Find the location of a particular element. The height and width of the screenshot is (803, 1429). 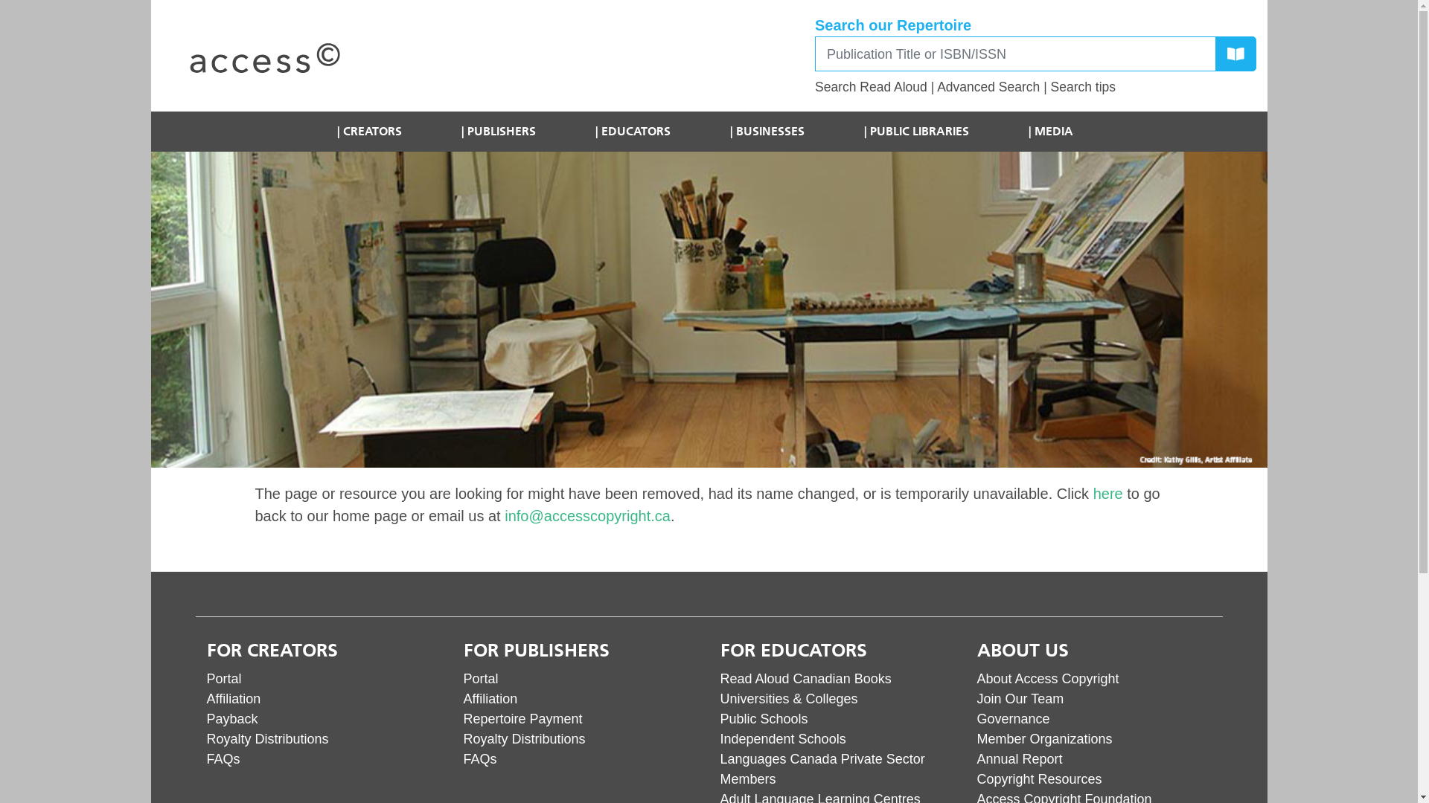

'Portal' is located at coordinates (223, 679).